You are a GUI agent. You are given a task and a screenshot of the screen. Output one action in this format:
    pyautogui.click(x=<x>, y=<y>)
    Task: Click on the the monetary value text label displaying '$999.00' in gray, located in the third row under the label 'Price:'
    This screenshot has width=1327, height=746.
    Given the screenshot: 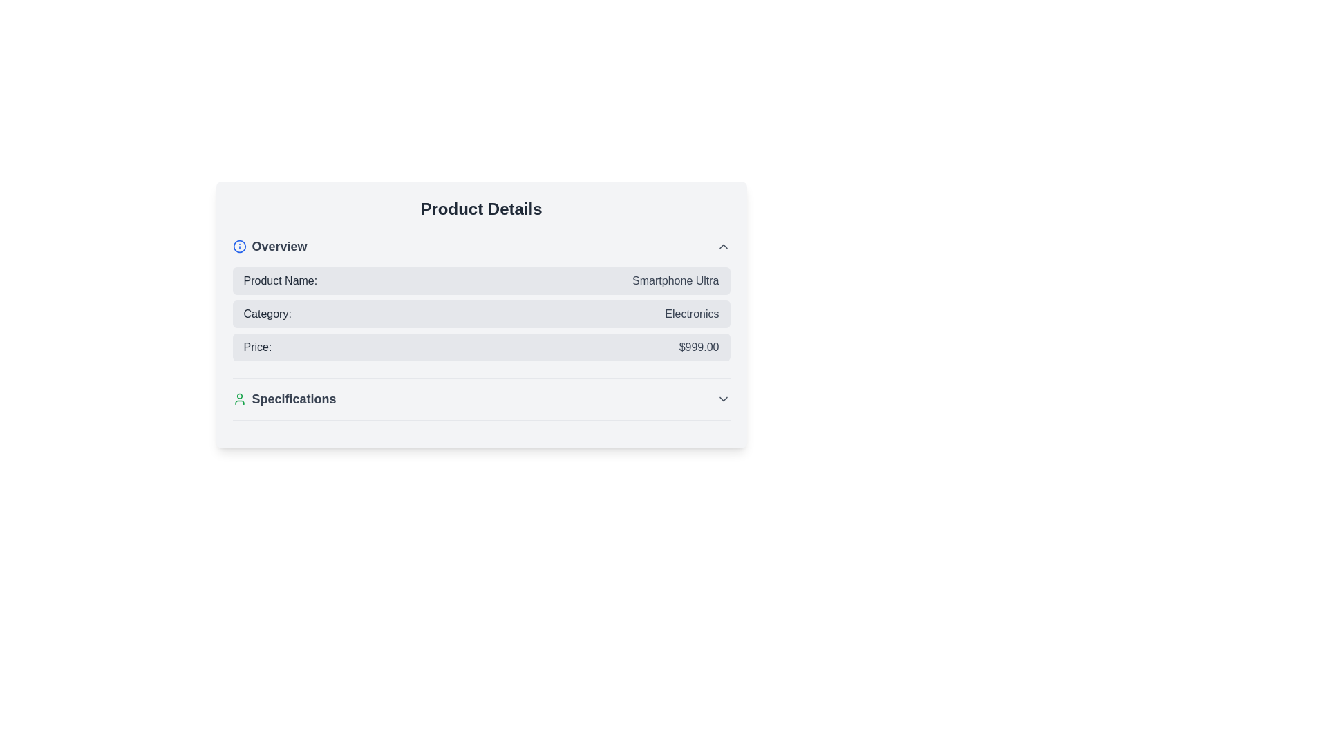 What is the action you would take?
    pyautogui.click(x=699, y=346)
    